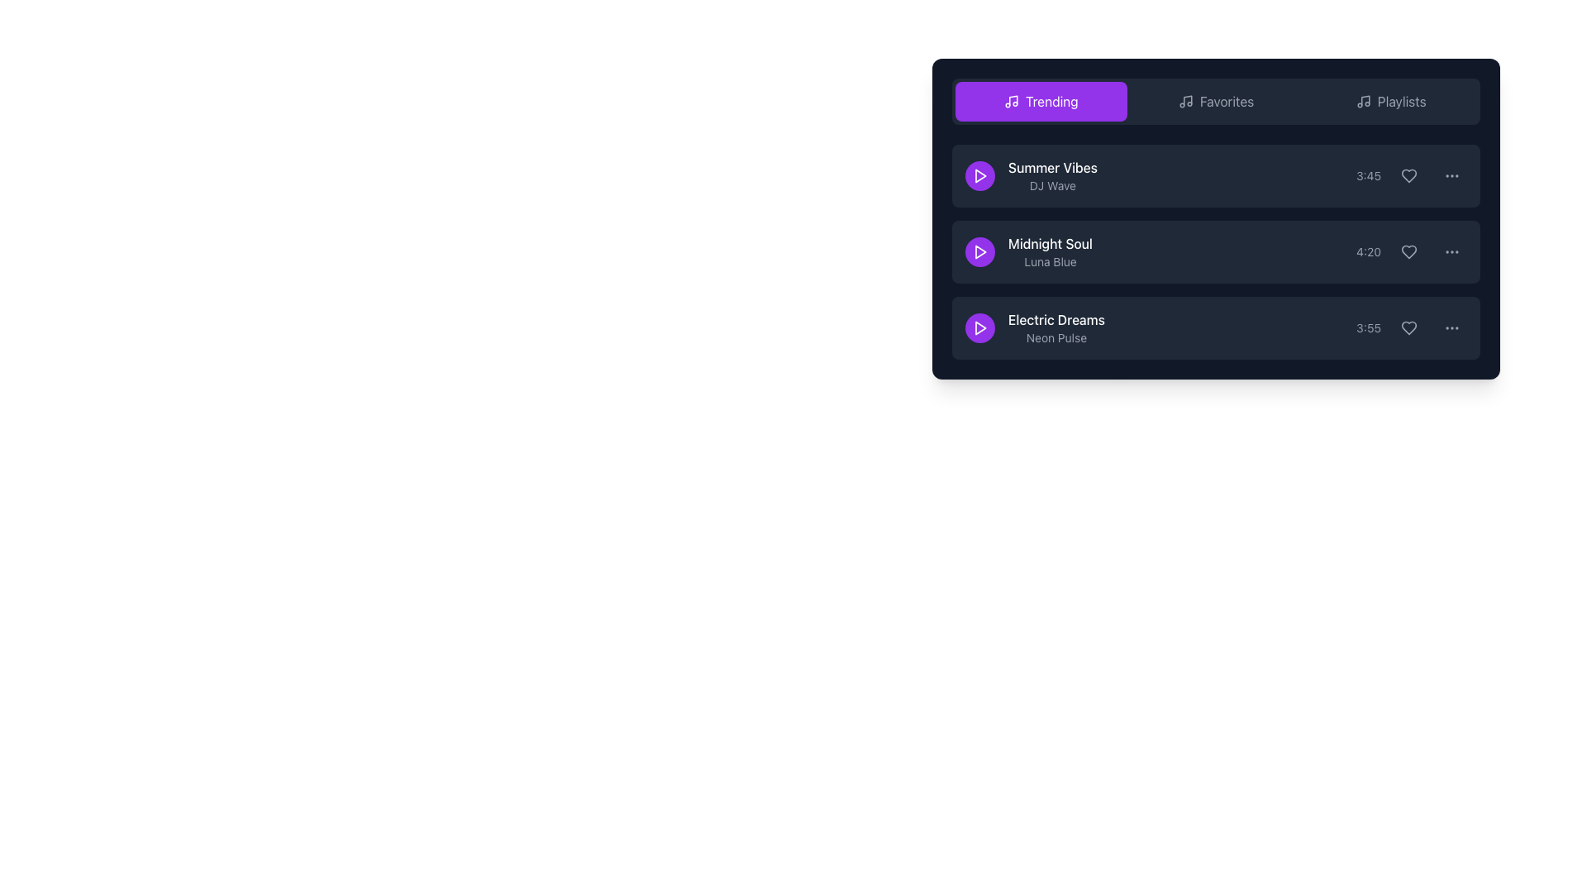  What do you see at coordinates (1056, 337) in the screenshot?
I see `the secondary text label that provides additional context about the 'Electric Dreams' playlist, located directly under the text 'Electric Dreams' in the third list item under the 'Trending' tab` at bounding box center [1056, 337].